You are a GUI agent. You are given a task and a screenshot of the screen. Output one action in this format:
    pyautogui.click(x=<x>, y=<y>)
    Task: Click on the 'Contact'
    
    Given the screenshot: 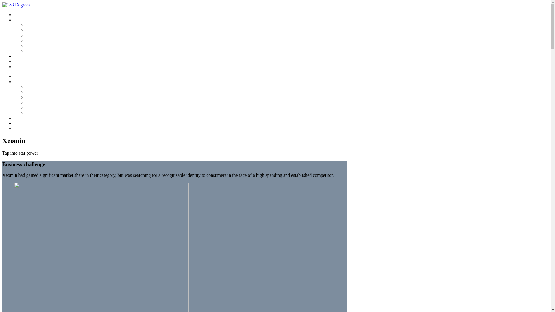 What is the action you would take?
    pyautogui.click(x=21, y=61)
    